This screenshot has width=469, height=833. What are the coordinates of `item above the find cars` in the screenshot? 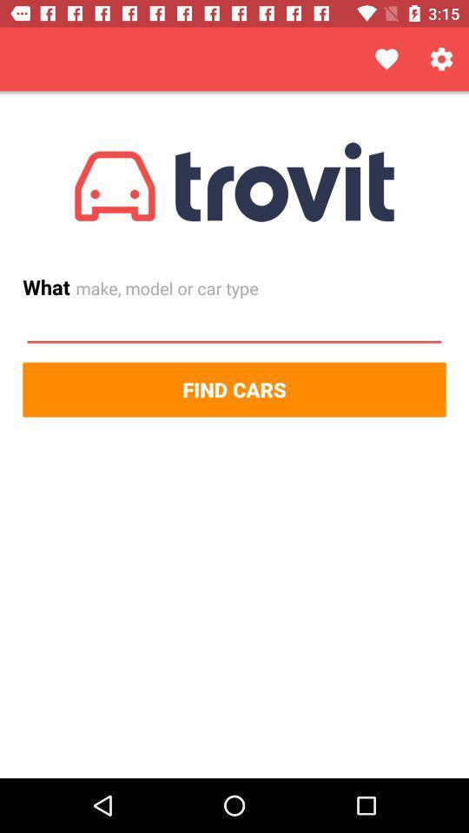 It's located at (234, 325).